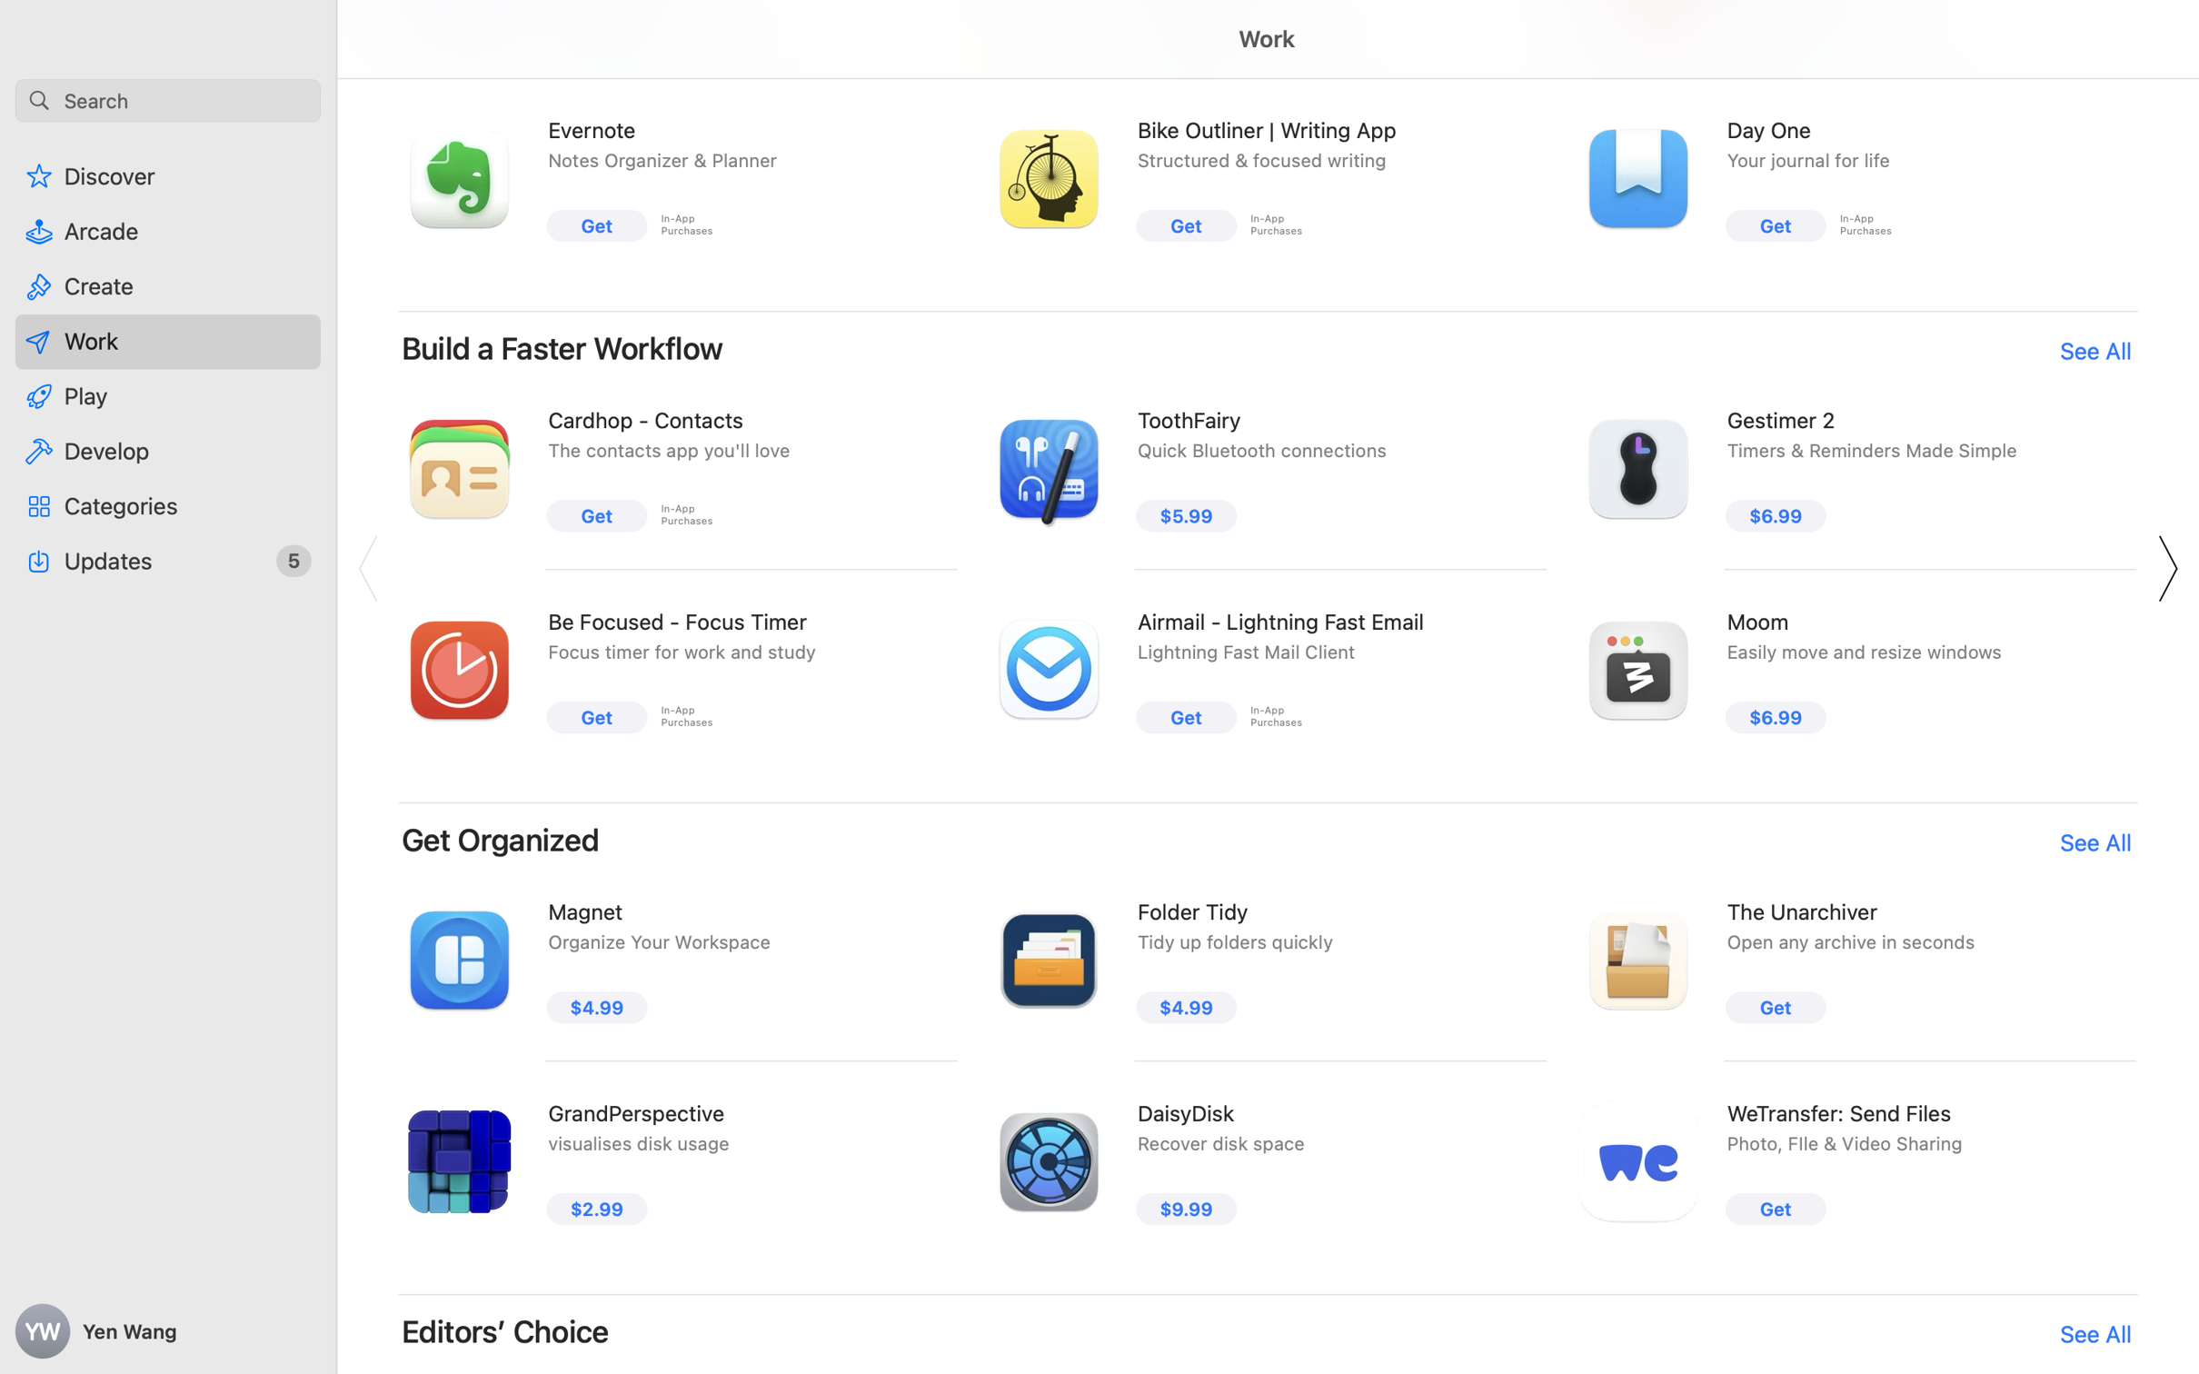  I want to click on 'Yen Wang', so click(168, 1331).